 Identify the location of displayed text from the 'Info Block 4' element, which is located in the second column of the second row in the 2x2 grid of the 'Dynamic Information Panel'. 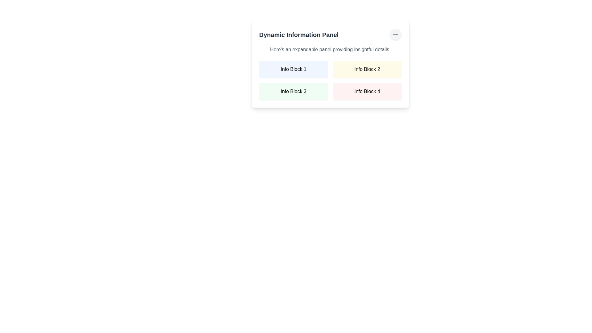
(367, 92).